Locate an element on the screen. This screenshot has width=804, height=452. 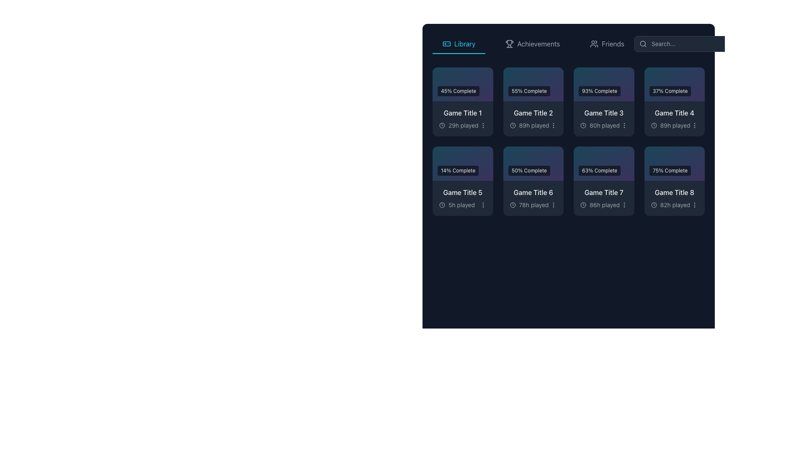
the '82h played' text with clock icon located under the 'Game Title 8' in the card layout is located at coordinates (674, 205).